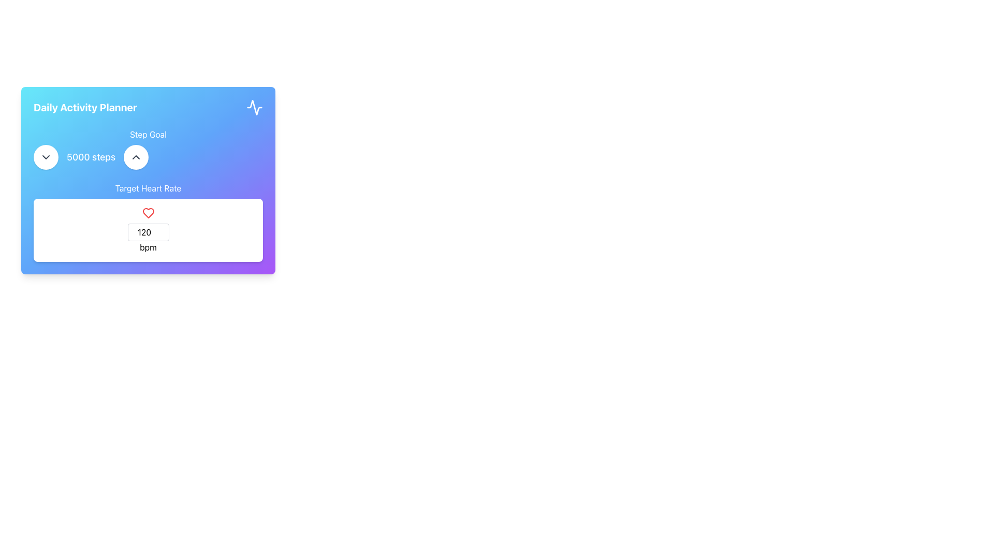 This screenshot has height=559, width=994. I want to click on the text element displaying '5000 steps' which indicates the user's step goal, located centrally within the 'Daily Activity Planner' card, so click(91, 157).